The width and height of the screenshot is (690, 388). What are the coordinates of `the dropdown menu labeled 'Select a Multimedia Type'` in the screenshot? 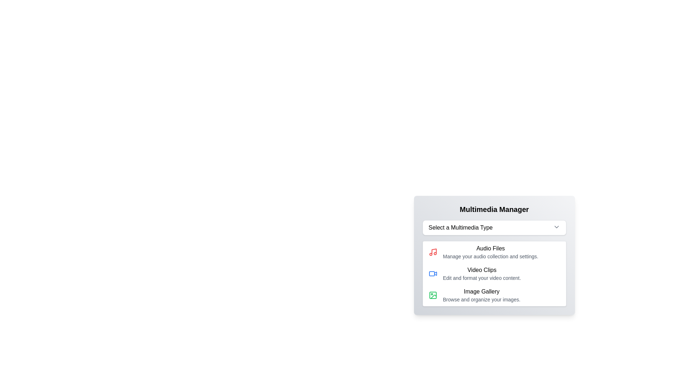 It's located at (494, 227).